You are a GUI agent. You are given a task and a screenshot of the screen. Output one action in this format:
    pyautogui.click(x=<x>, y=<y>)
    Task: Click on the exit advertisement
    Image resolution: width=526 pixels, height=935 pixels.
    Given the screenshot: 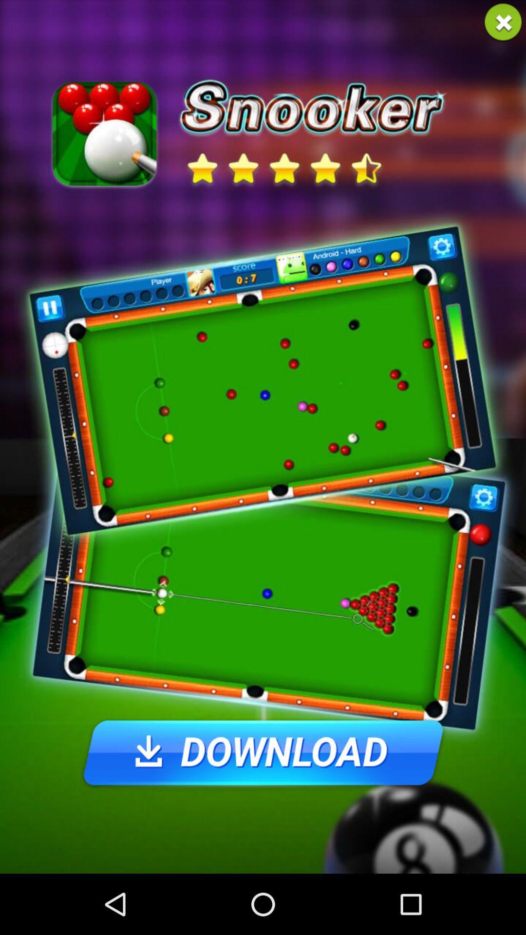 What is the action you would take?
    pyautogui.click(x=503, y=22)
    